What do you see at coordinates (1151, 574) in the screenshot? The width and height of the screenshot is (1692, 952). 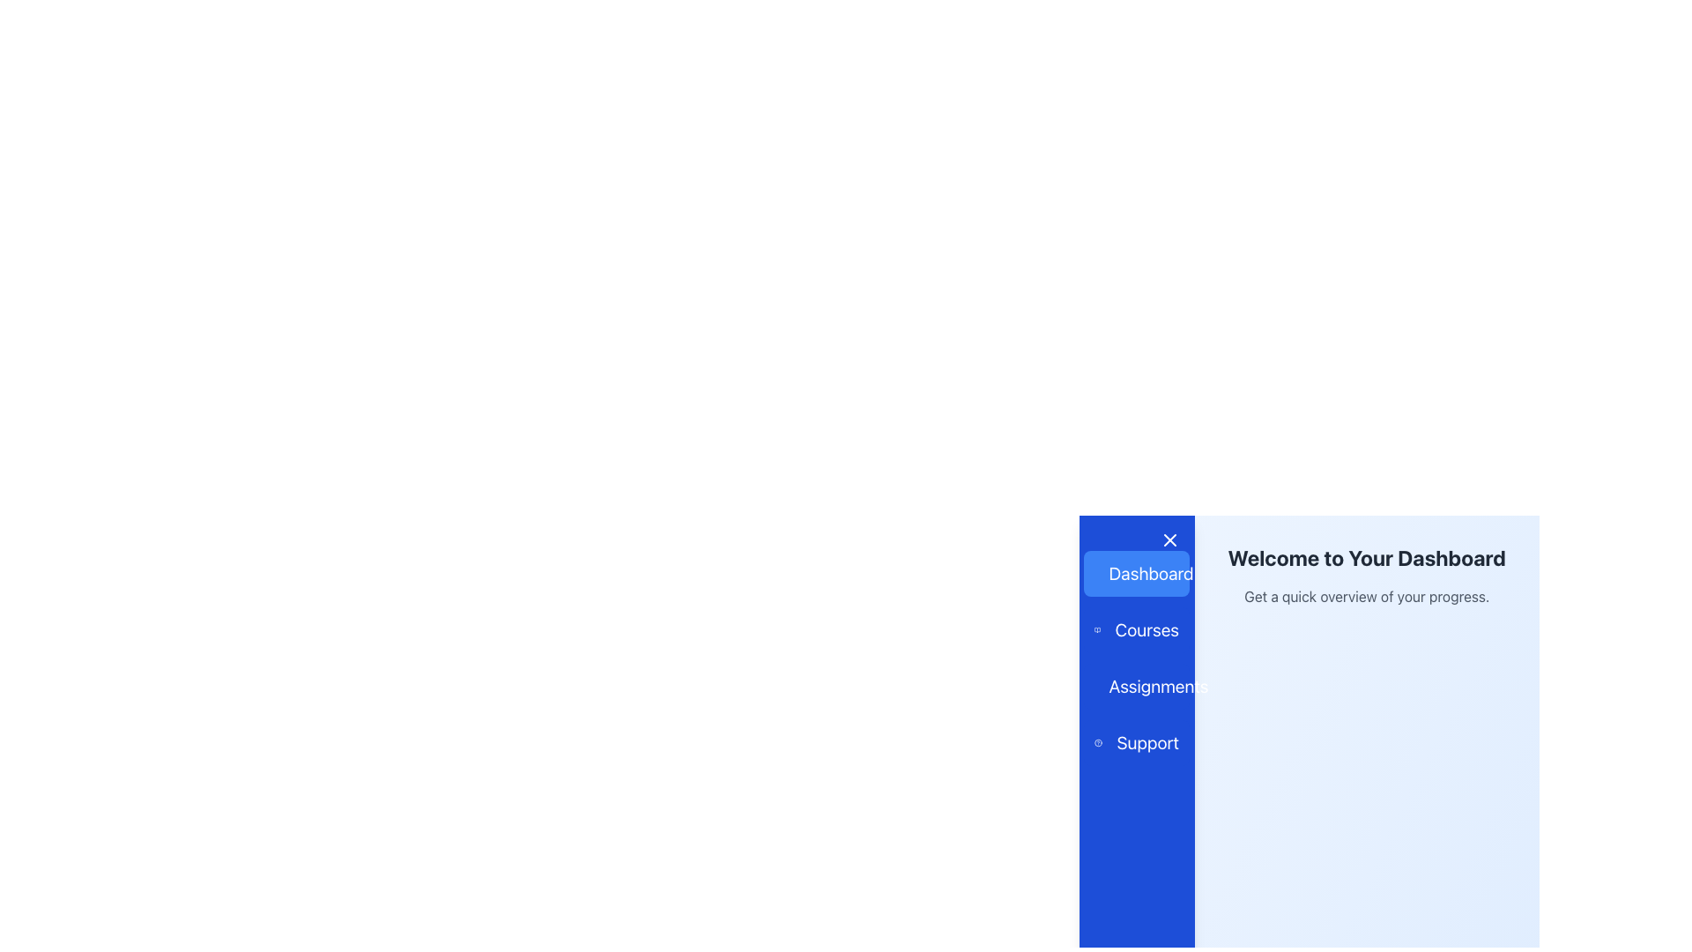 I see `the 'Dashboard' text label within the blue navigation menu` at bounding box center [1151, 574].